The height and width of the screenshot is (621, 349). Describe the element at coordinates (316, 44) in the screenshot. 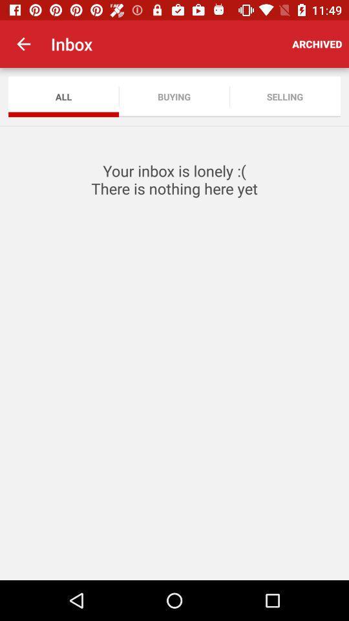

I see `the item next to inbox icon` at that location.